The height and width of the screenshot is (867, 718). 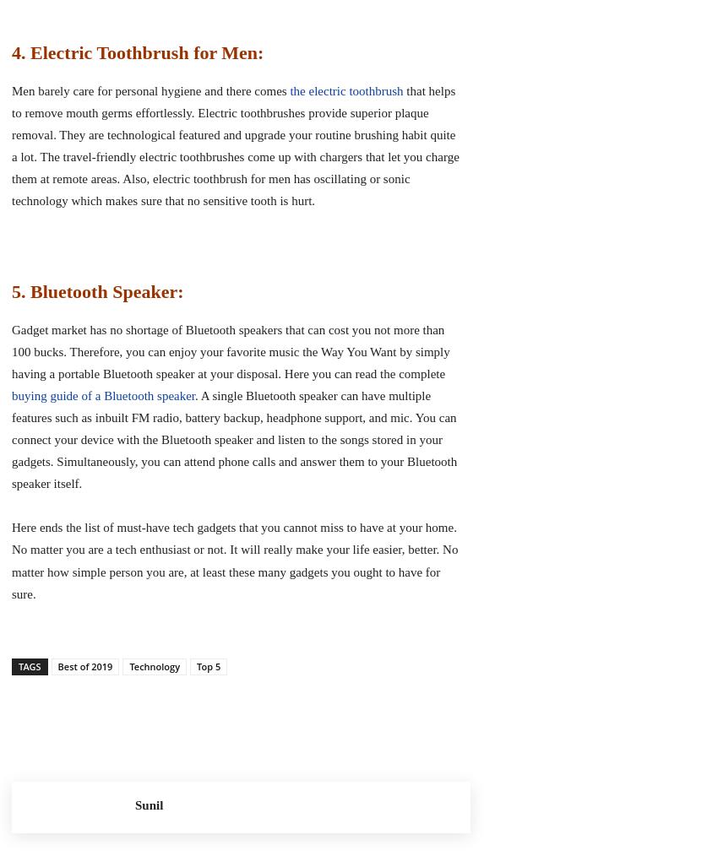 What do you see at coordinates (397, 710) in the screenshot?
I see `'Twitter'` at bounding box center [397, 710].